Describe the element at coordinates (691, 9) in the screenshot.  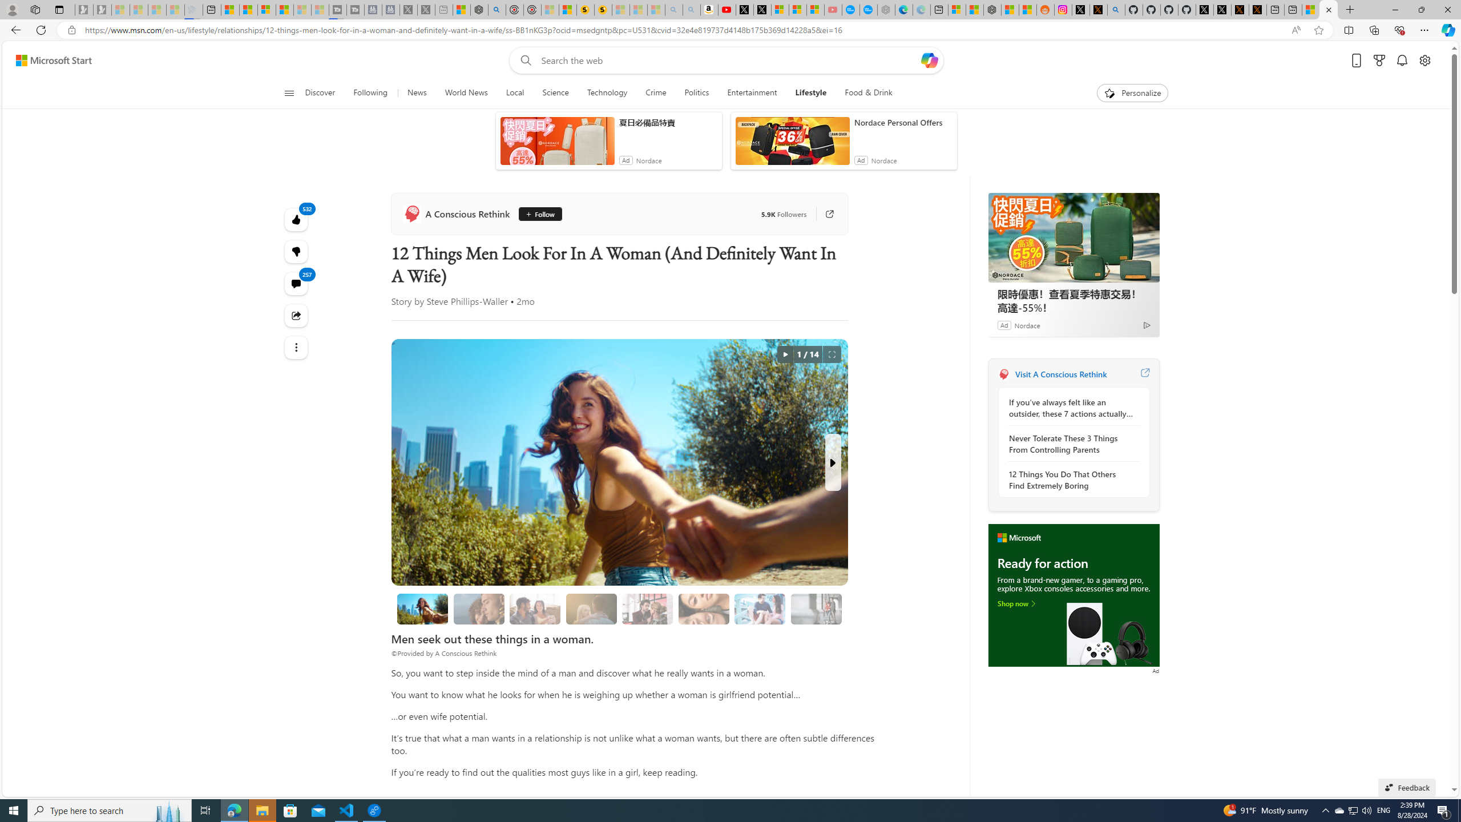
I see `'Amazon Echo Dot PNG - Search Images - Sleeping'` at that location.